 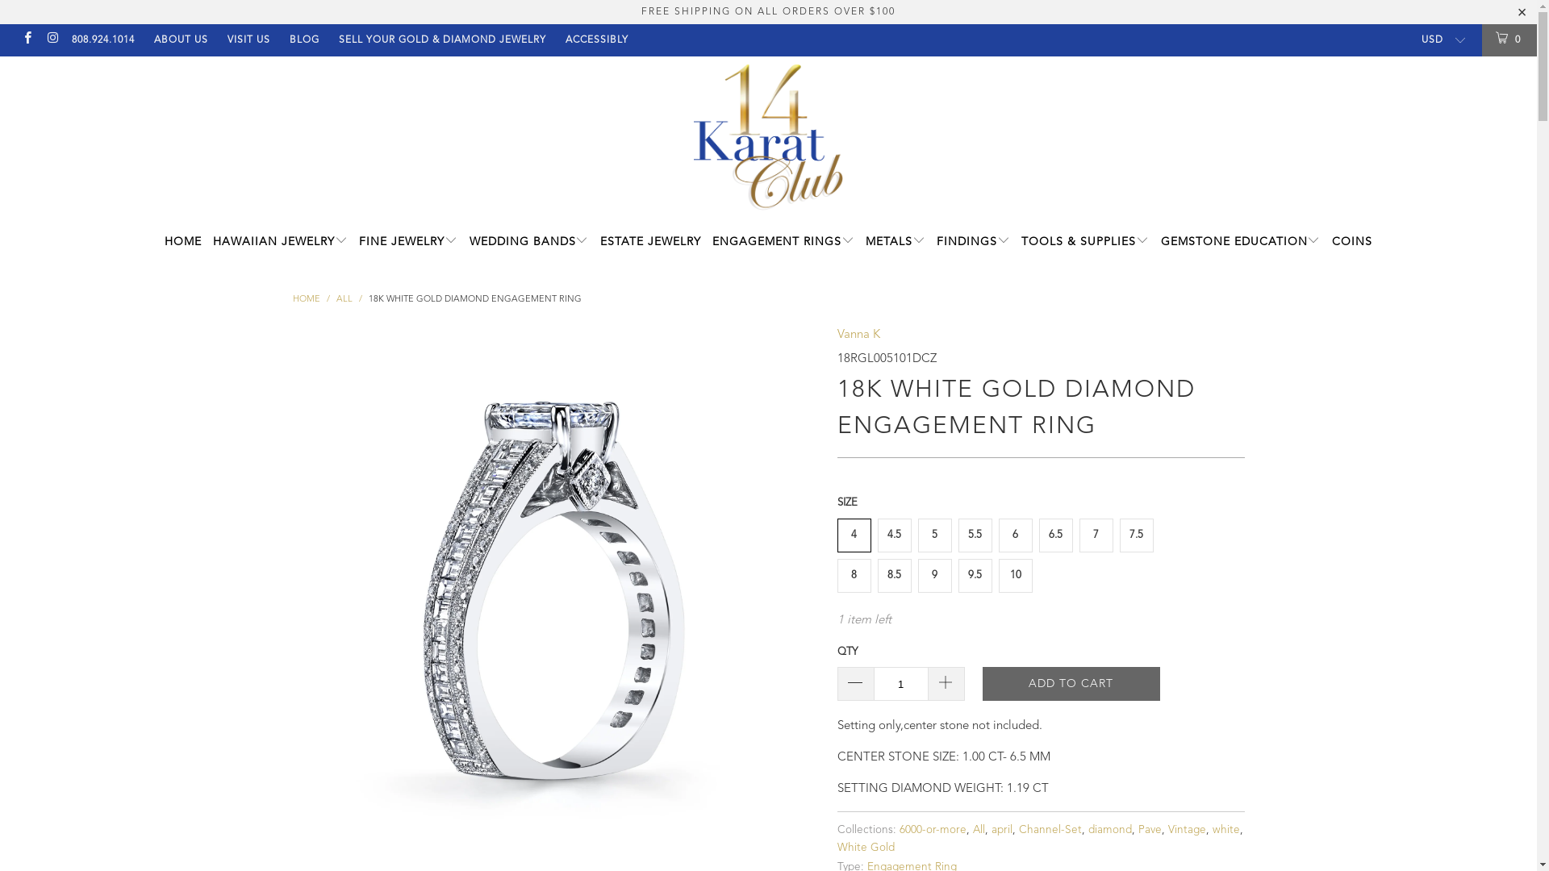 I want to click on '6000-or-more', so click(x=932, y=830).